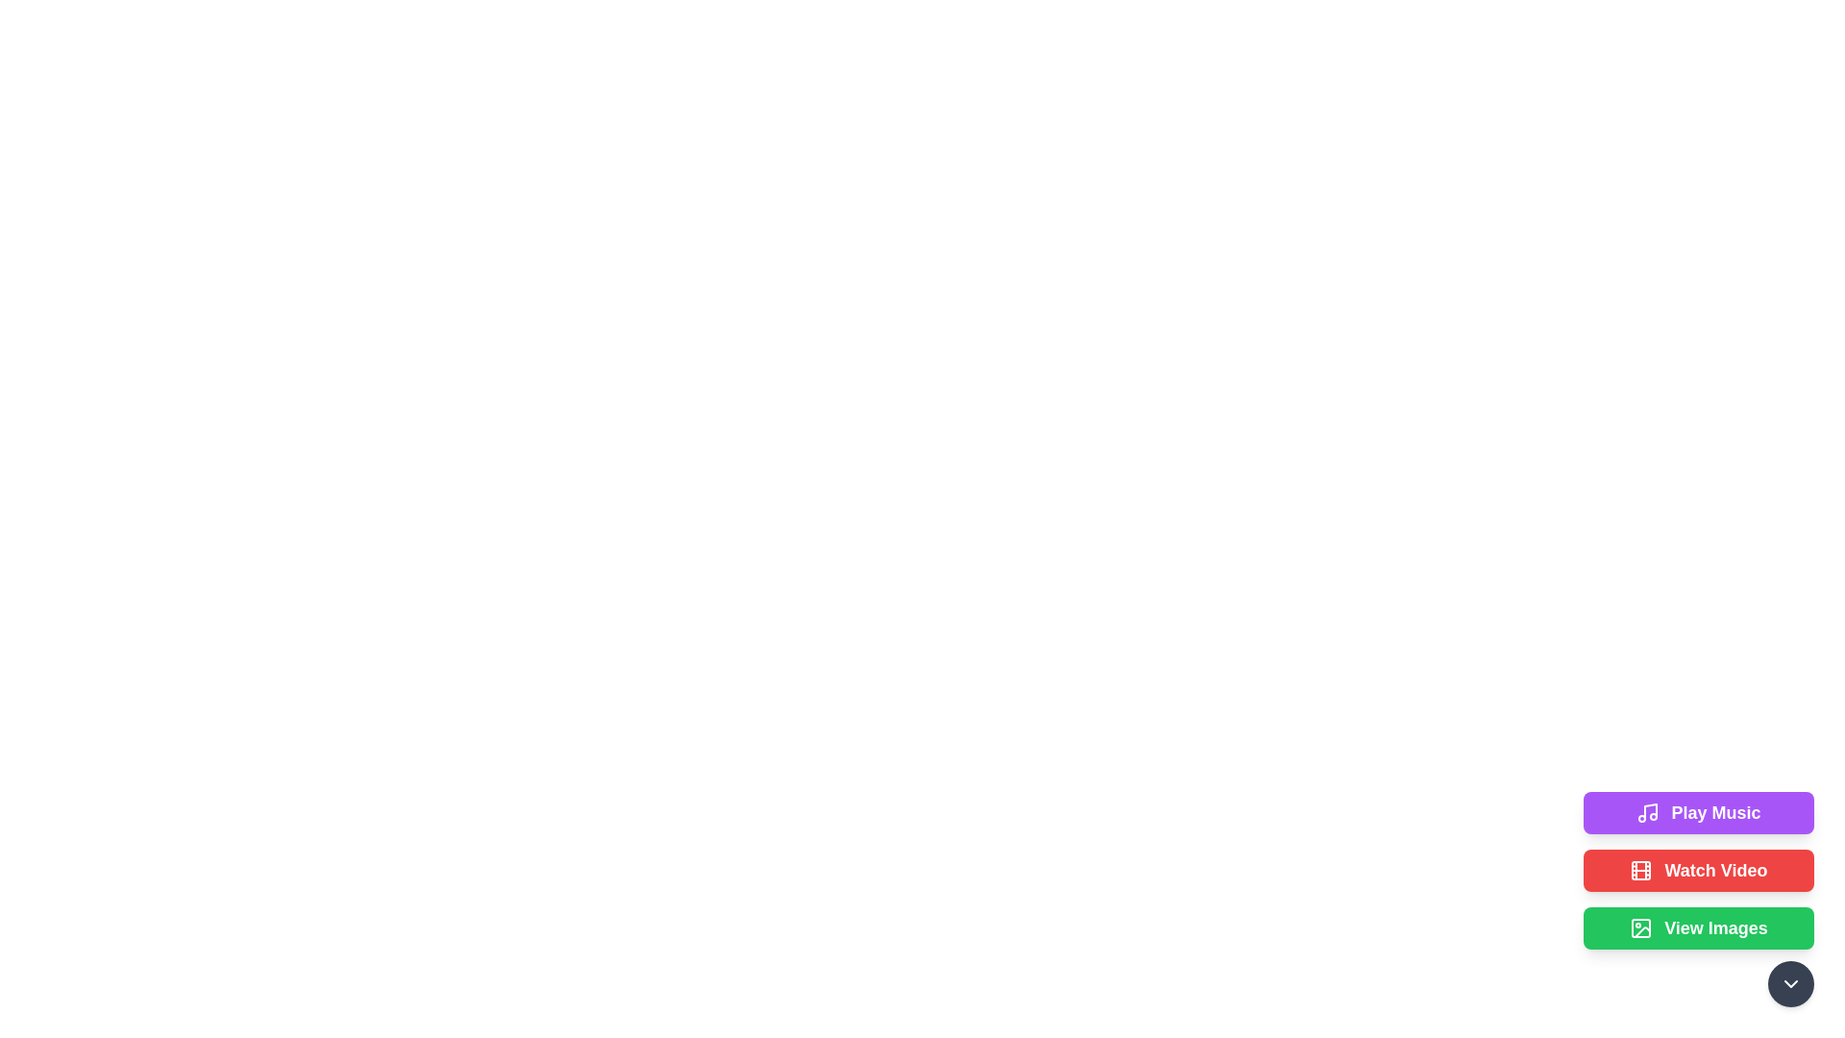 The height and width of the screenshot is (1038, 1845). What do you see at coordinates (1698, 871) in the screenshot?
I see `the button labeled Watch Video` at bounding box center [1698, 871].